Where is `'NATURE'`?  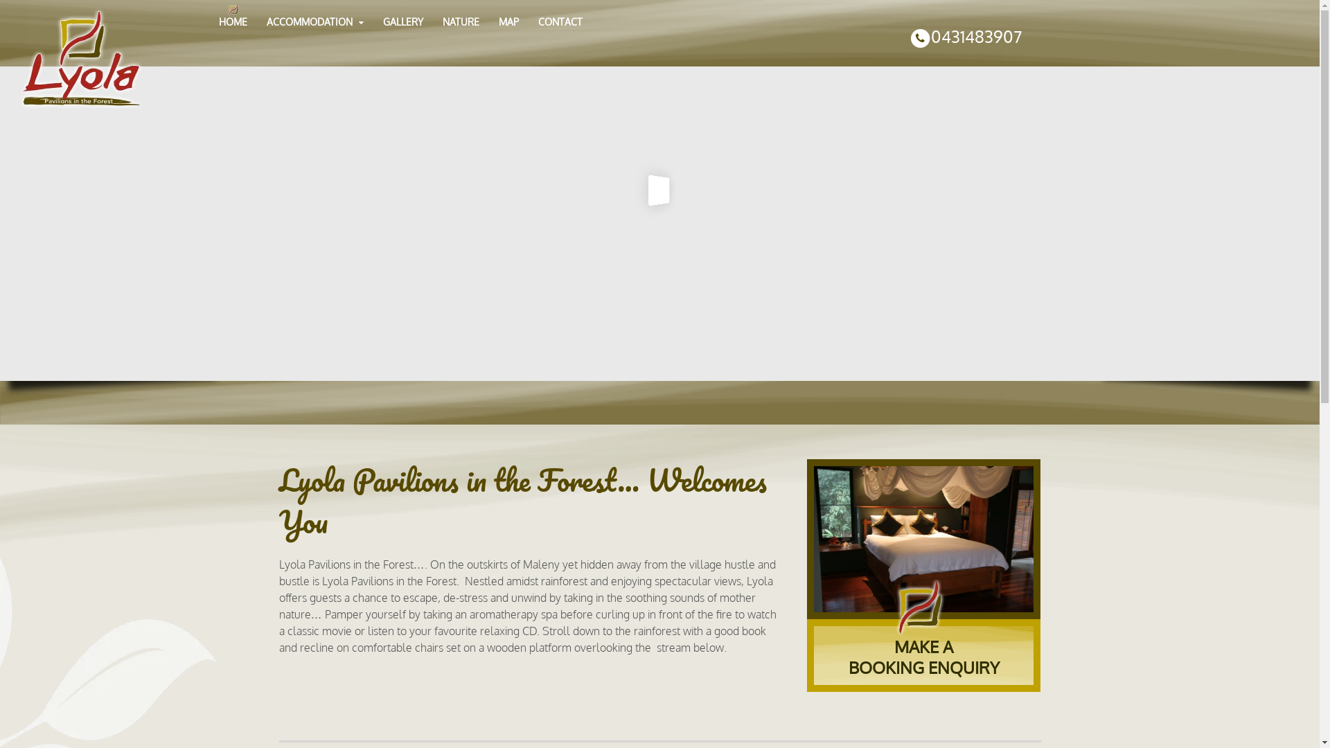 'NATURE' is located at coordinates (432, 22).